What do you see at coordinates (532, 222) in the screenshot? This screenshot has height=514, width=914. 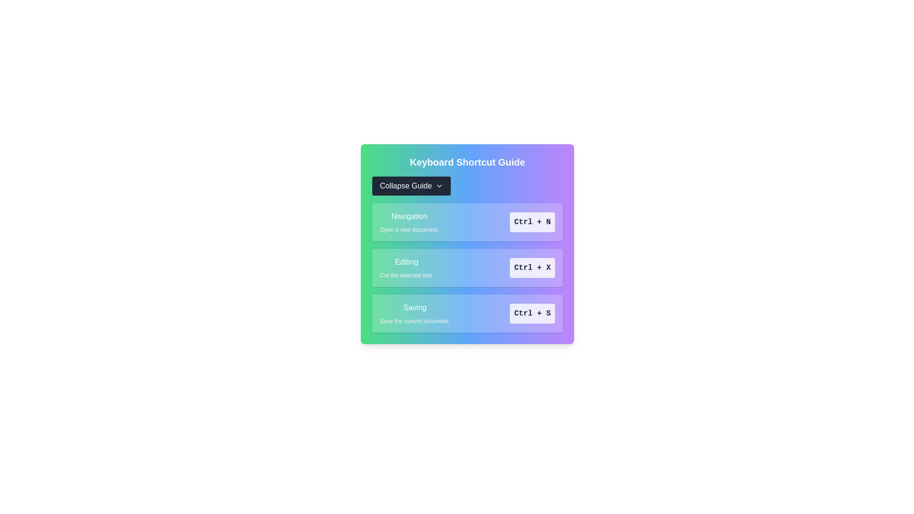 I see `the 'Ctrl + N' text label, which is bold black text on a light-colored button with a slight rounded border, located at the right-most position in the navigation group of shortcut instructions` at bounding box center [532, 222].